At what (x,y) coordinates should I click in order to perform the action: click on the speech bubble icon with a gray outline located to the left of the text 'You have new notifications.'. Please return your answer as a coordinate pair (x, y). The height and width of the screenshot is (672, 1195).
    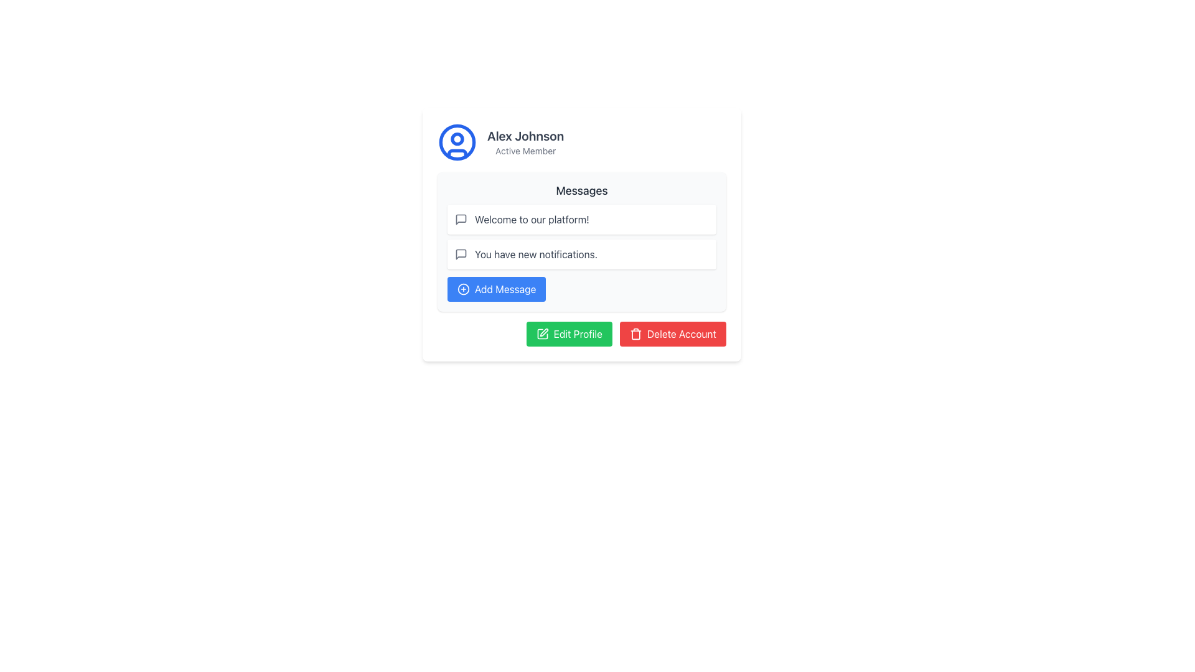
    Looking at the image, I should click on (460, 253).